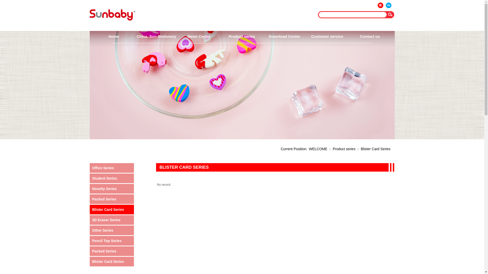 This screenshot has height=274, width=488. What do you see at coordinates (309, 148) in the screenshot?
I see `'WELCOME'` at bounding box center [309, 148].